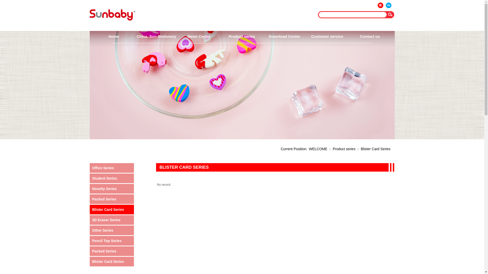 This screenshot has height=274, width=488. What do you see at coordinates (309, 148) in the screenshot?
I see `'WELCOME'` at bounding box center [309, 148].